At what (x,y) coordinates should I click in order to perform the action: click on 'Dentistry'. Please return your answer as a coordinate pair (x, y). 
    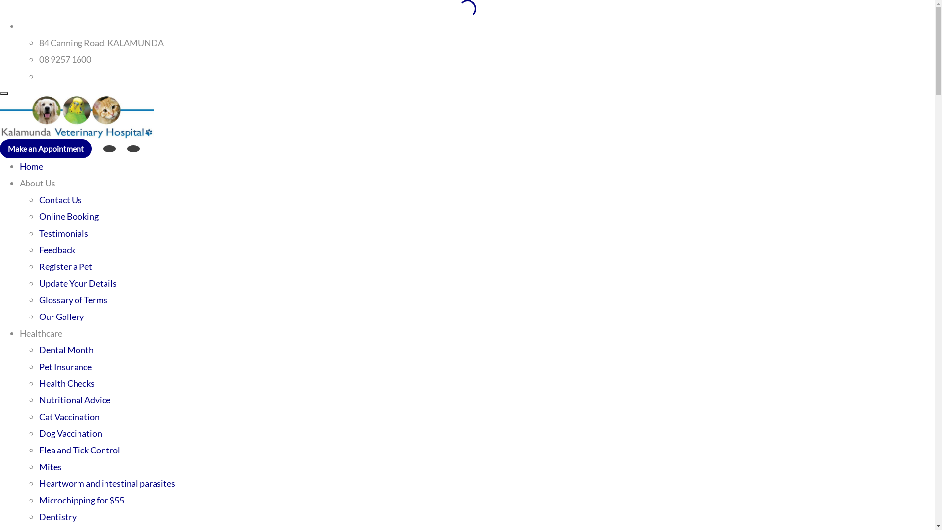
    Looking at the image, I should click on (57, 516).